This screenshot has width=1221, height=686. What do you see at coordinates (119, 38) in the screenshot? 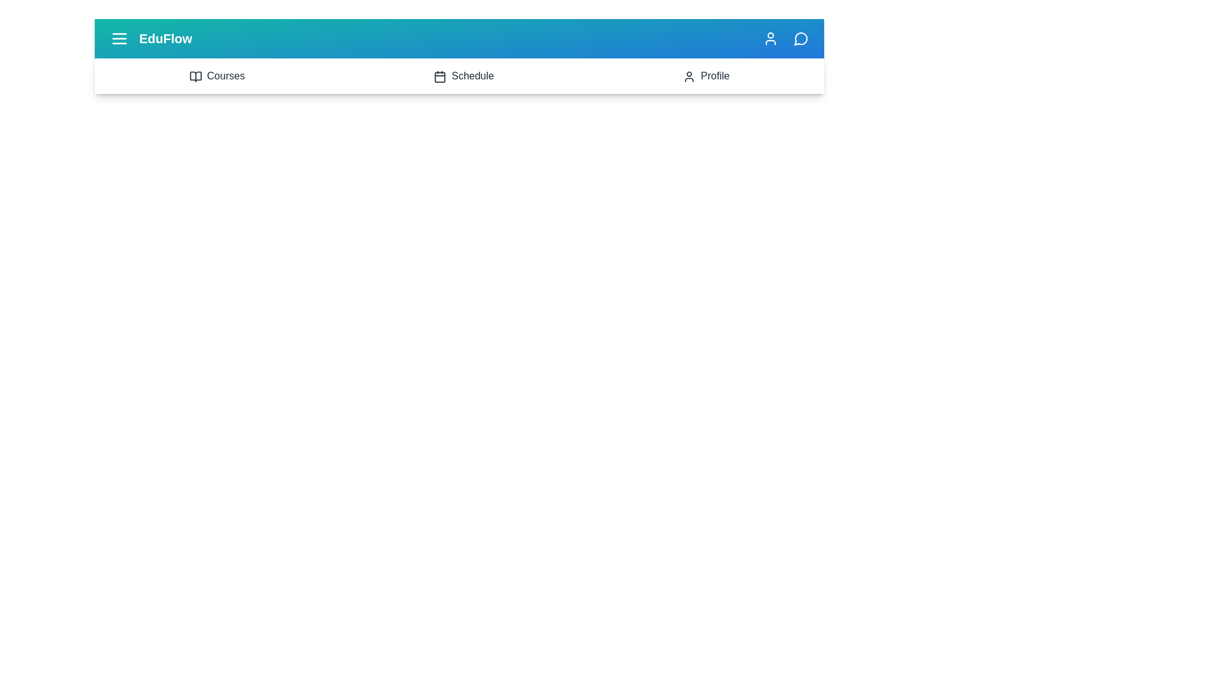
I see `the menu icon to toggle the navigation menu` at bounding box center [119, 38].